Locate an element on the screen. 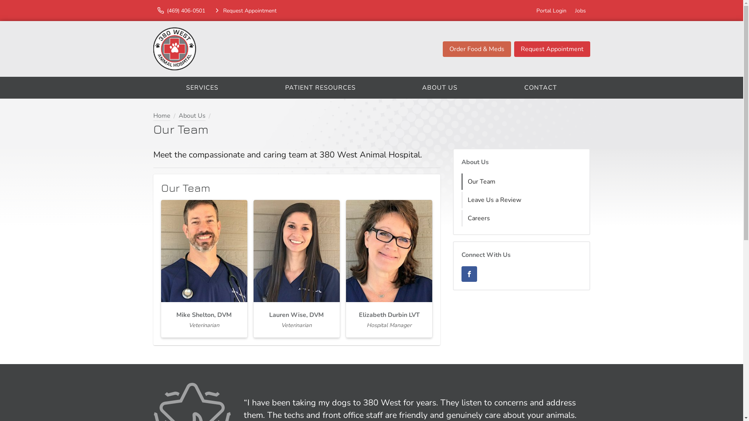 The image size is (749, 421). 'Home' is located at coordinates (161, 116).